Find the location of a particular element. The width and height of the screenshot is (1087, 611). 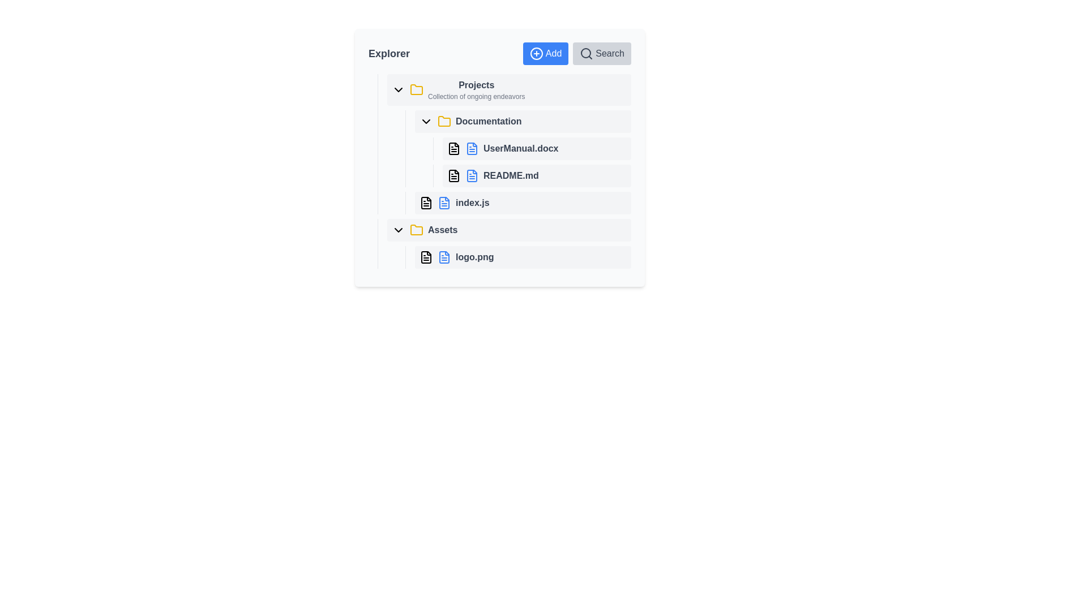

the 'README.md' text label associated with the clickable file entry is located at coordinates (510, 176).